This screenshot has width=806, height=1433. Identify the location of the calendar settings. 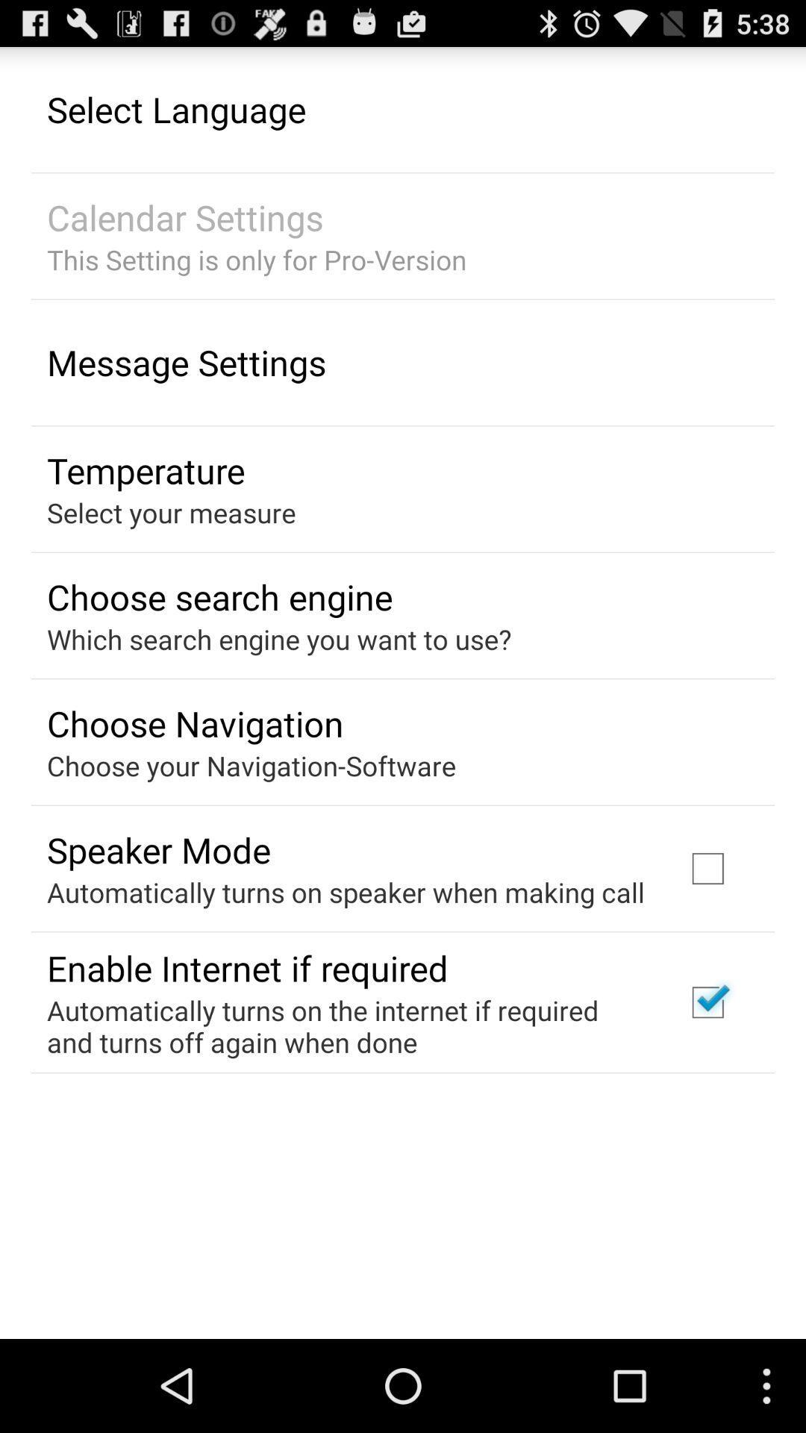
(184, 216).